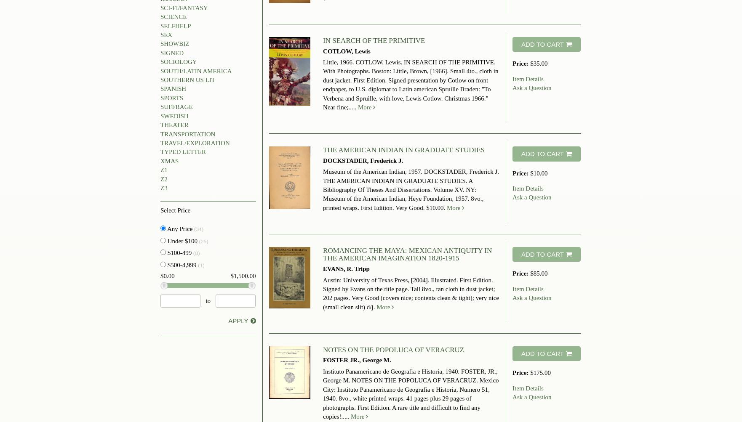 This screenshot has width=742, height=422. I want to click on 'XMAS', so click(160, 160).